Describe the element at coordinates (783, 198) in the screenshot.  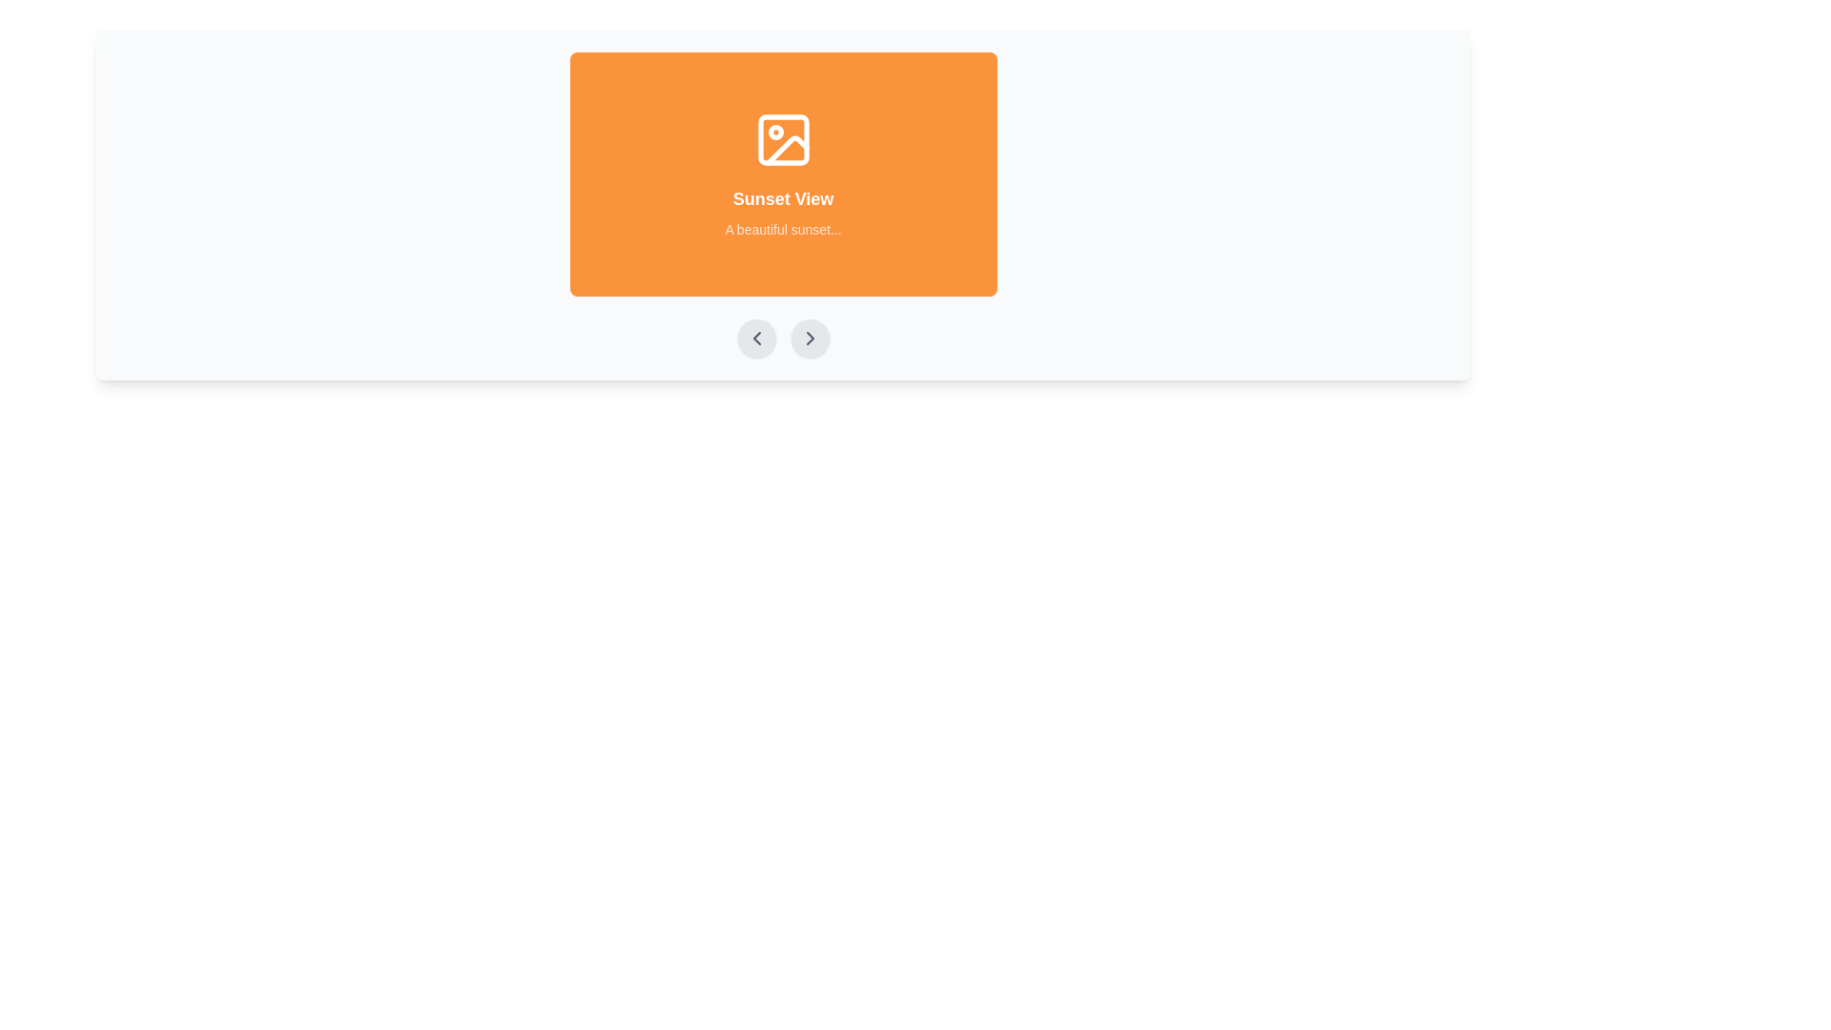
I see `the bold, large-sized text label "Sunset View" with a prominent white font color on an orange background, located below an icon representing an image` at that location.